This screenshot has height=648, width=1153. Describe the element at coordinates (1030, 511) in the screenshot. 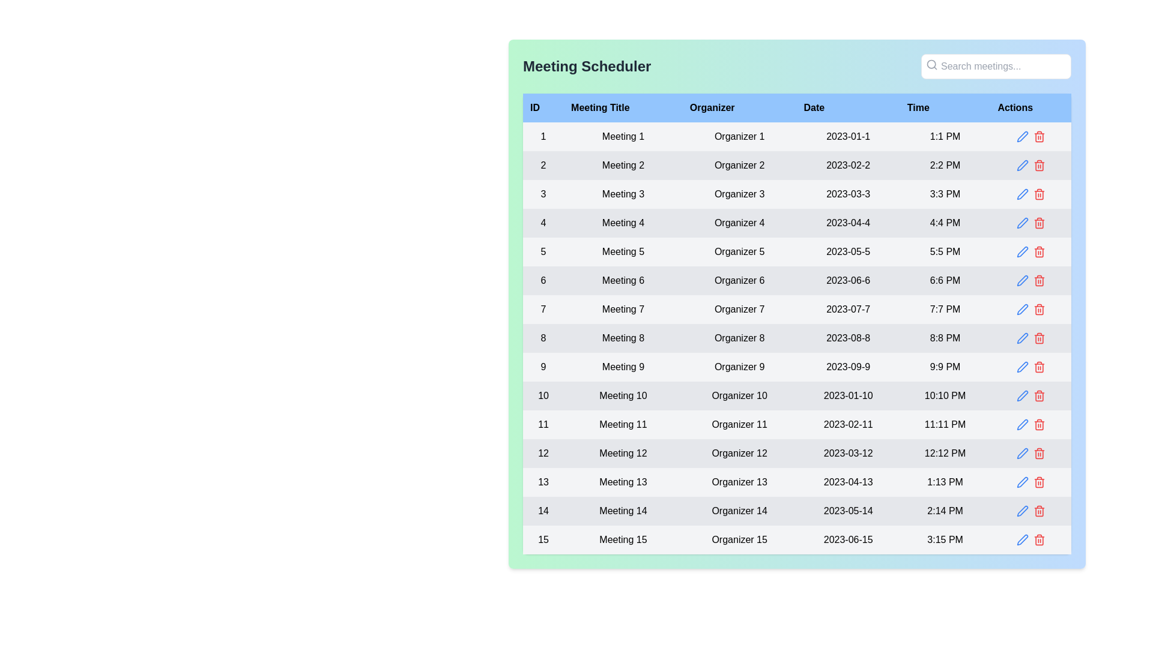

I see `the group of interactive buttons in the 'Actions' column` at that location.